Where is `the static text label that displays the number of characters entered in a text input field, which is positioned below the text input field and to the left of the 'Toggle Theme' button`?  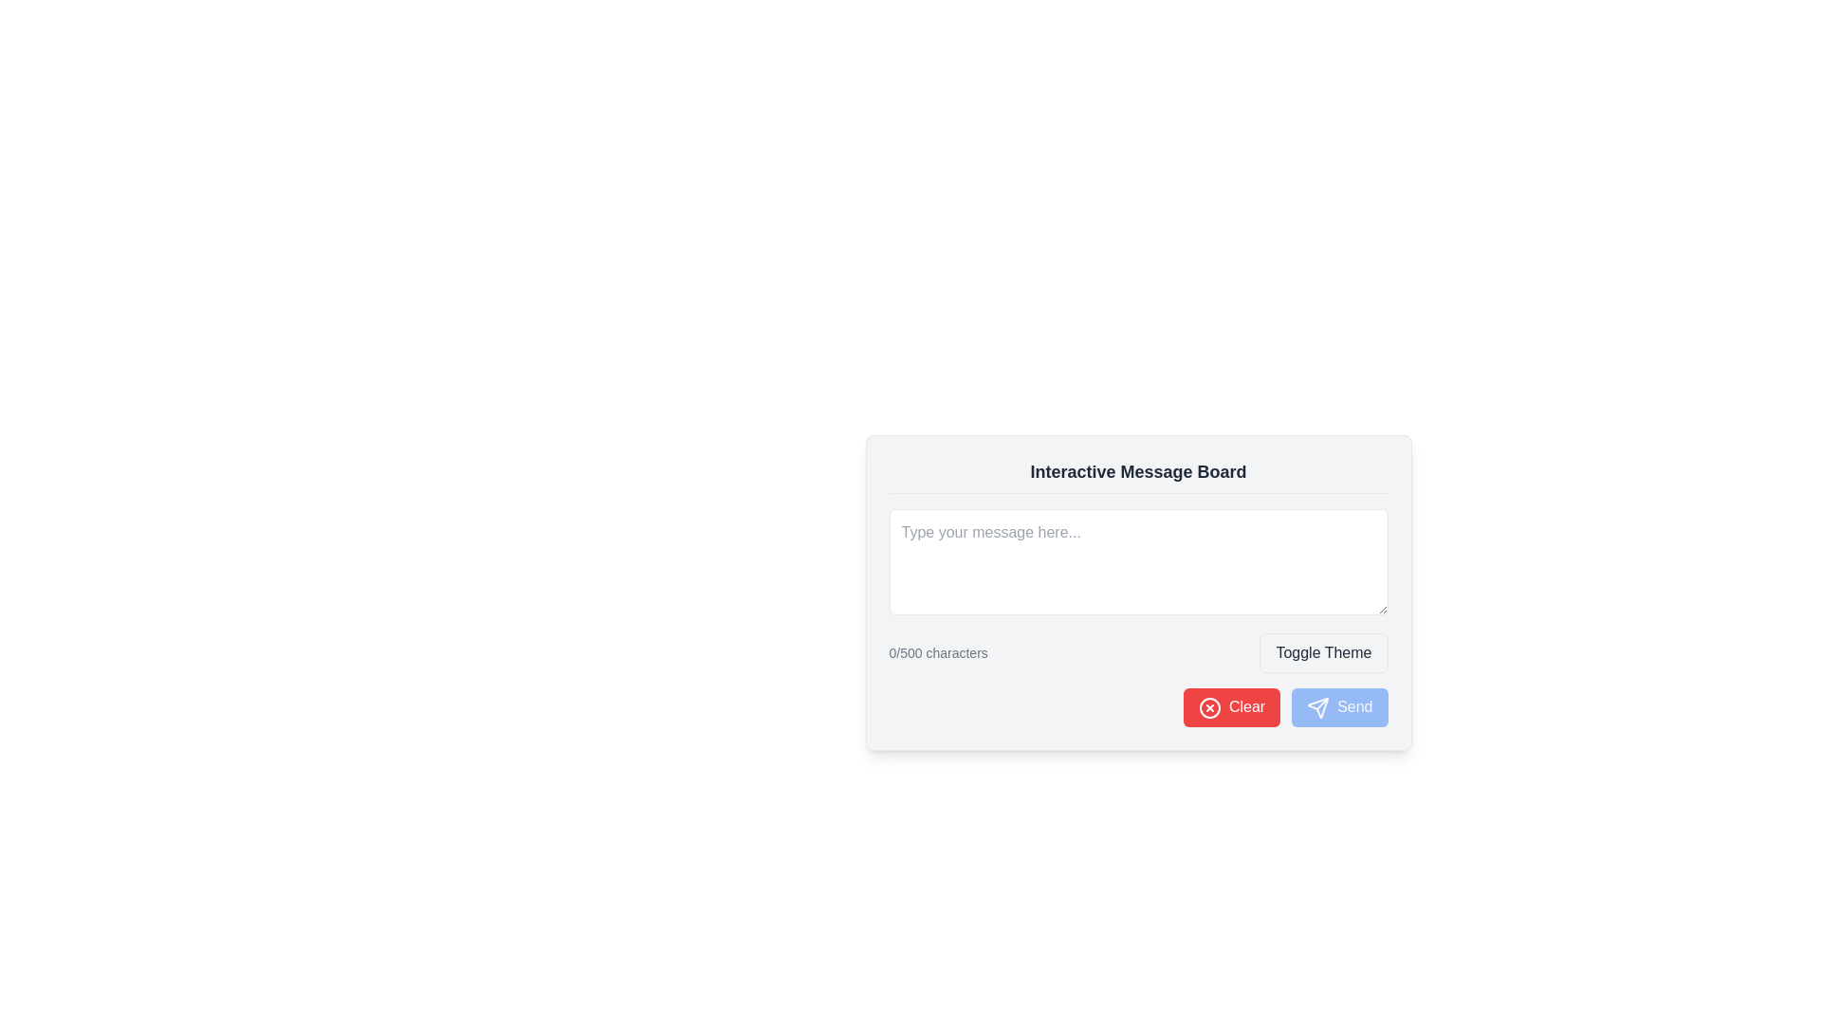 the static text label that displays the number of characters entered in a text input field, which is positioned below the text input field and to the left of the 'Toggle Theme' button is located at coordinates (938, 652).